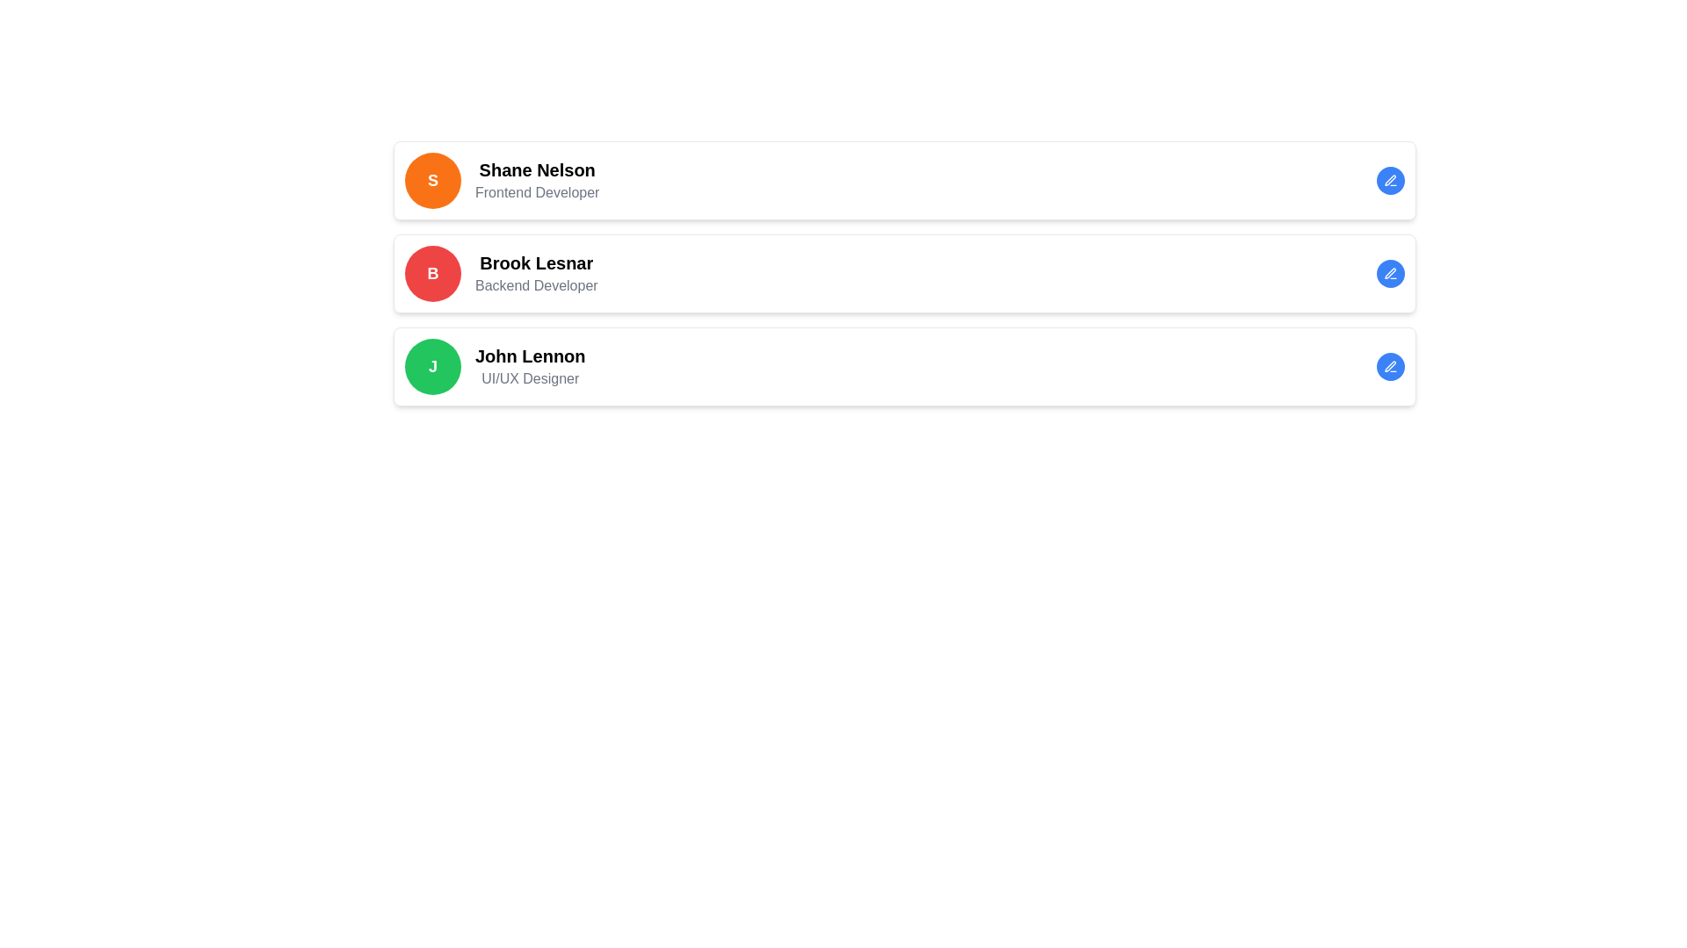 Image resolution: width=1687 pixels, height=948 pixels. I want to click on the static text label displaying 'Brook Lesnar' and 'Backend Developer', which is the second entry in the vertical stack of cards, so click(535, 274).